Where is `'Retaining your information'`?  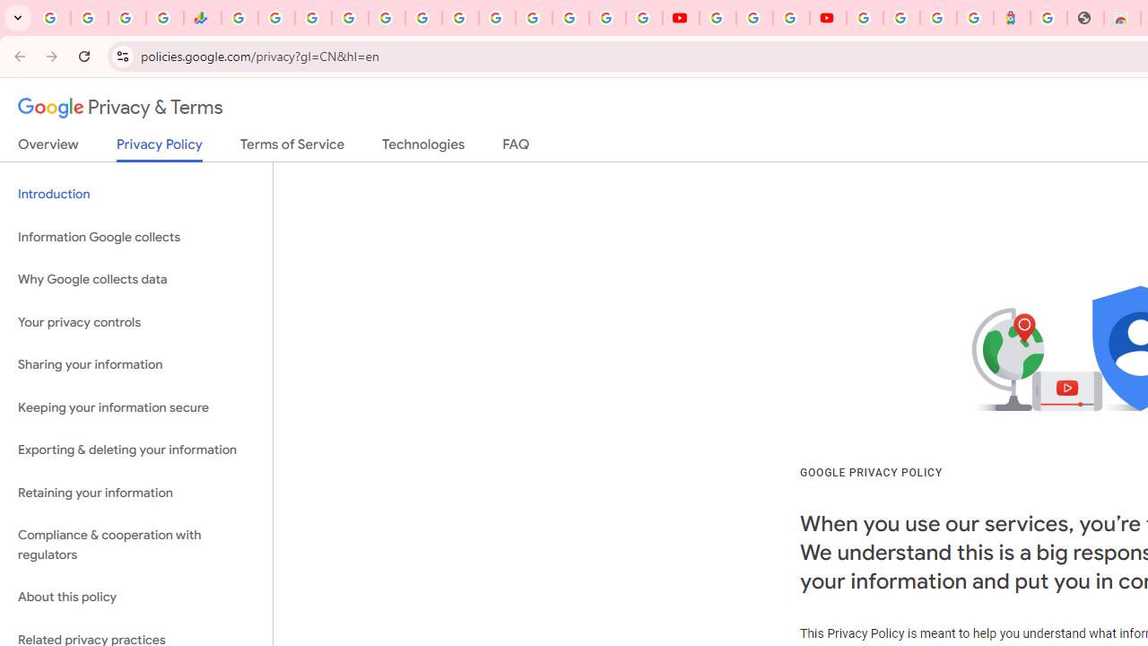 'Retaining your information' is located at coordinates (135, 493).